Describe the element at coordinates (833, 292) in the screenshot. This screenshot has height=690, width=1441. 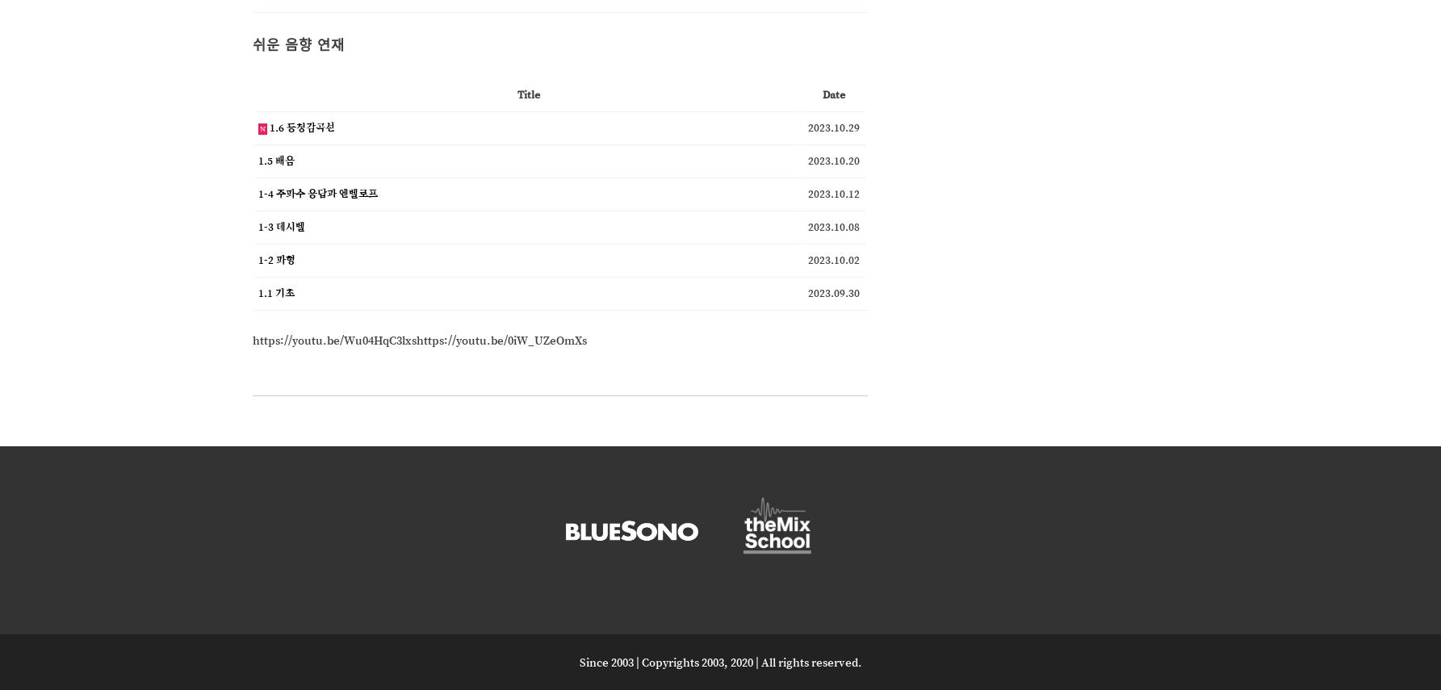
I see `'2023.09.30'` at that location.